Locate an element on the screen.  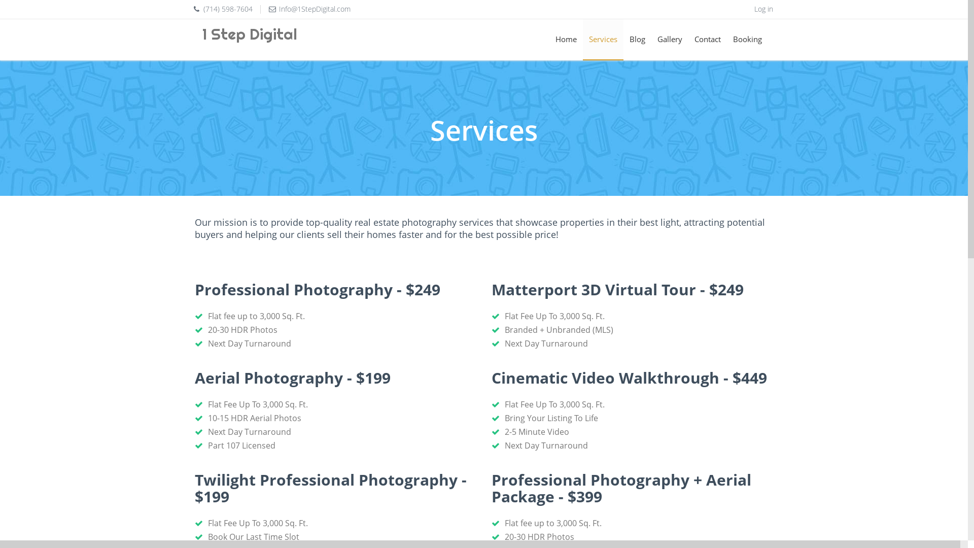
'Home' is located at coordinates (566, 39).